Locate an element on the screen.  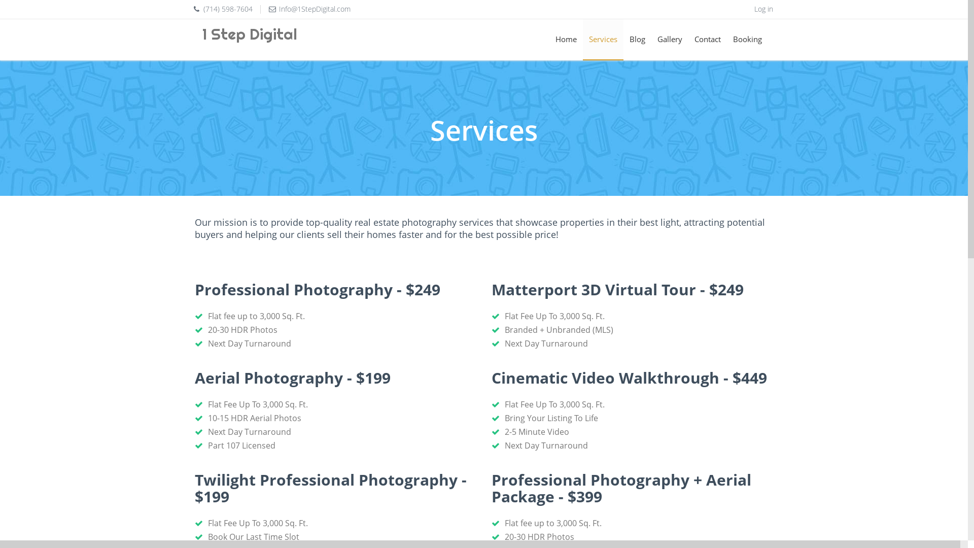
'Home' is located at coordinates (566, 39).